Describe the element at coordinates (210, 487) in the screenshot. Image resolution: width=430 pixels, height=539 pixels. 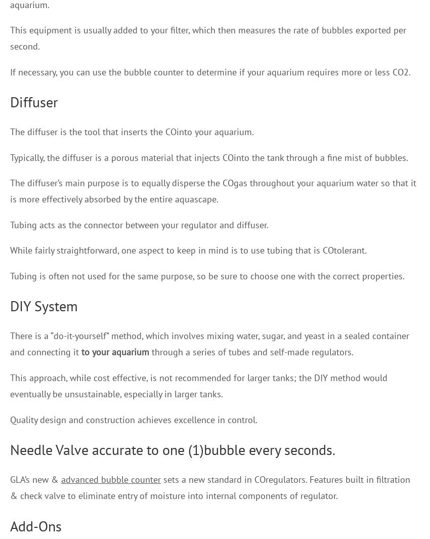
I see `'sets a new standard in COregulators. Features built in filtration & check valve to eliminate entry of moisture into internal components of regulator.'` at that location.